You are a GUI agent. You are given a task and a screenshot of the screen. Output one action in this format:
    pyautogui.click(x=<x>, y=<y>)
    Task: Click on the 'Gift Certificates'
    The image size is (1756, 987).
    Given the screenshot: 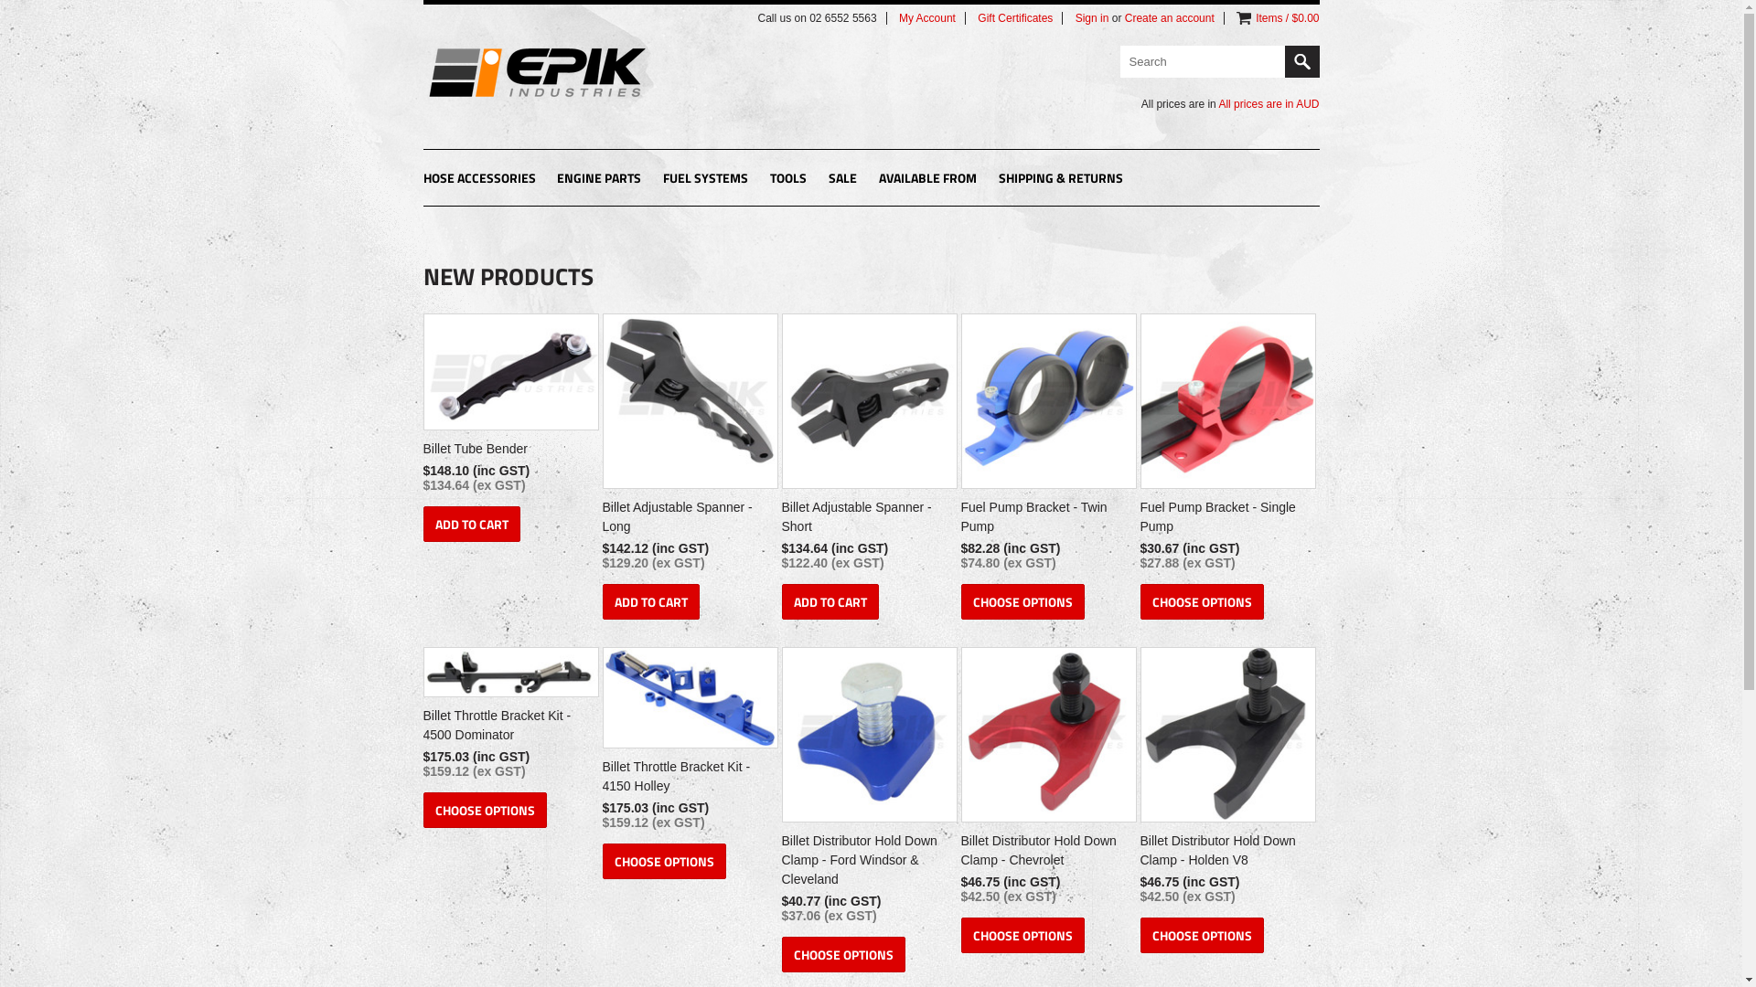 What is the action you would take?
    pyautogui.click(x=1013, y=17)
    